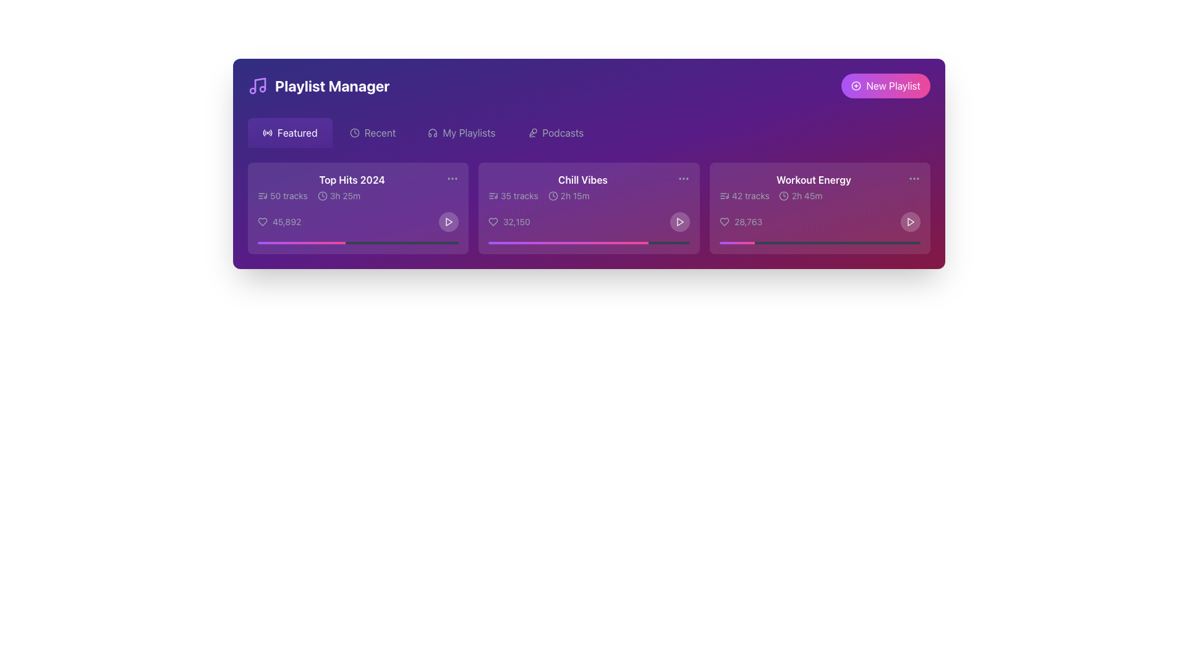  I want to click on the number '45,892' on the interactive button with a heart icon, so click(278, 221).